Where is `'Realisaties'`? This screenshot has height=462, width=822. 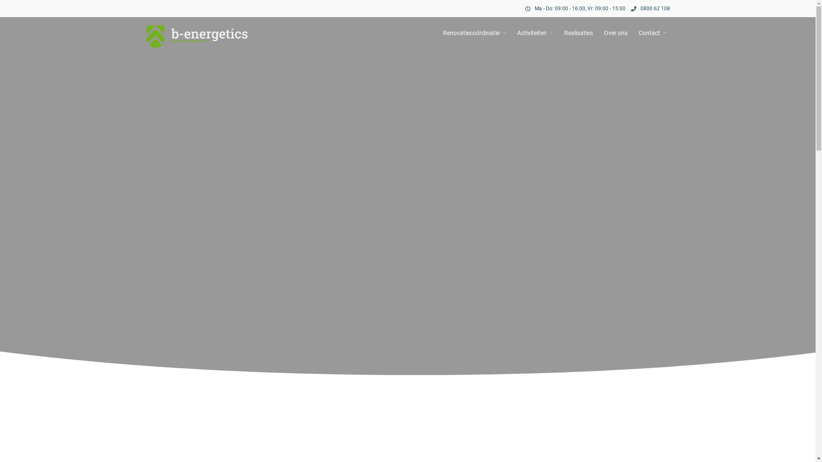 'Realisaties' is located at coordinates (578, 33).